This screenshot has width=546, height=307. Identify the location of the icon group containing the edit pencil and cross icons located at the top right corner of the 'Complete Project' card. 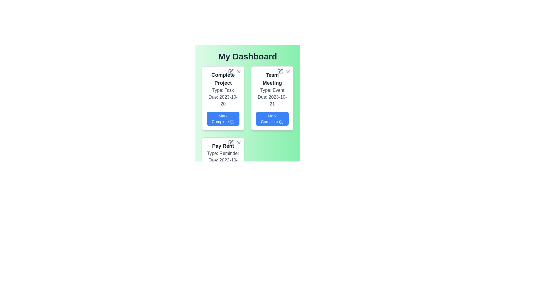
(235, 71).